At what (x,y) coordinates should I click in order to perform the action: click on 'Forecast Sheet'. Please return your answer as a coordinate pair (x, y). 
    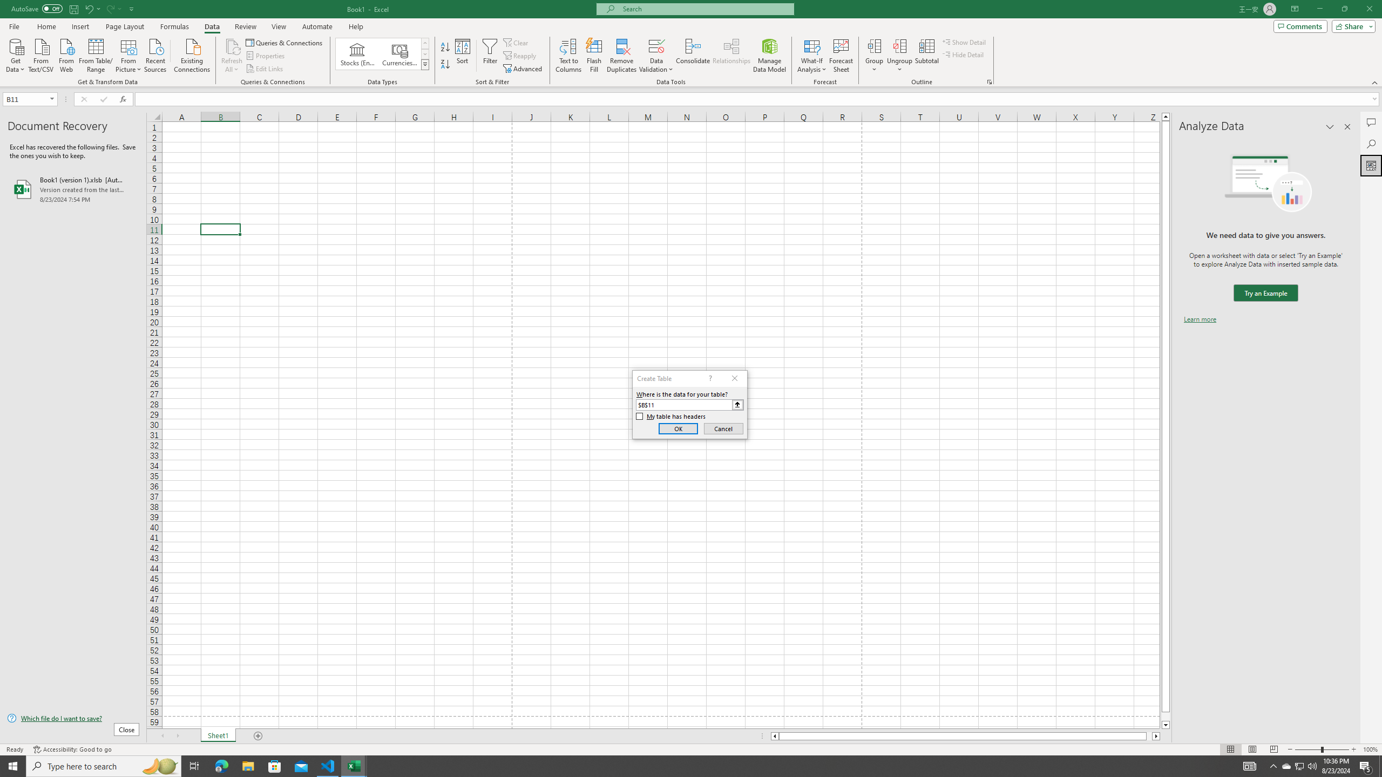
    Looking at the image, I should click on (841, 56).